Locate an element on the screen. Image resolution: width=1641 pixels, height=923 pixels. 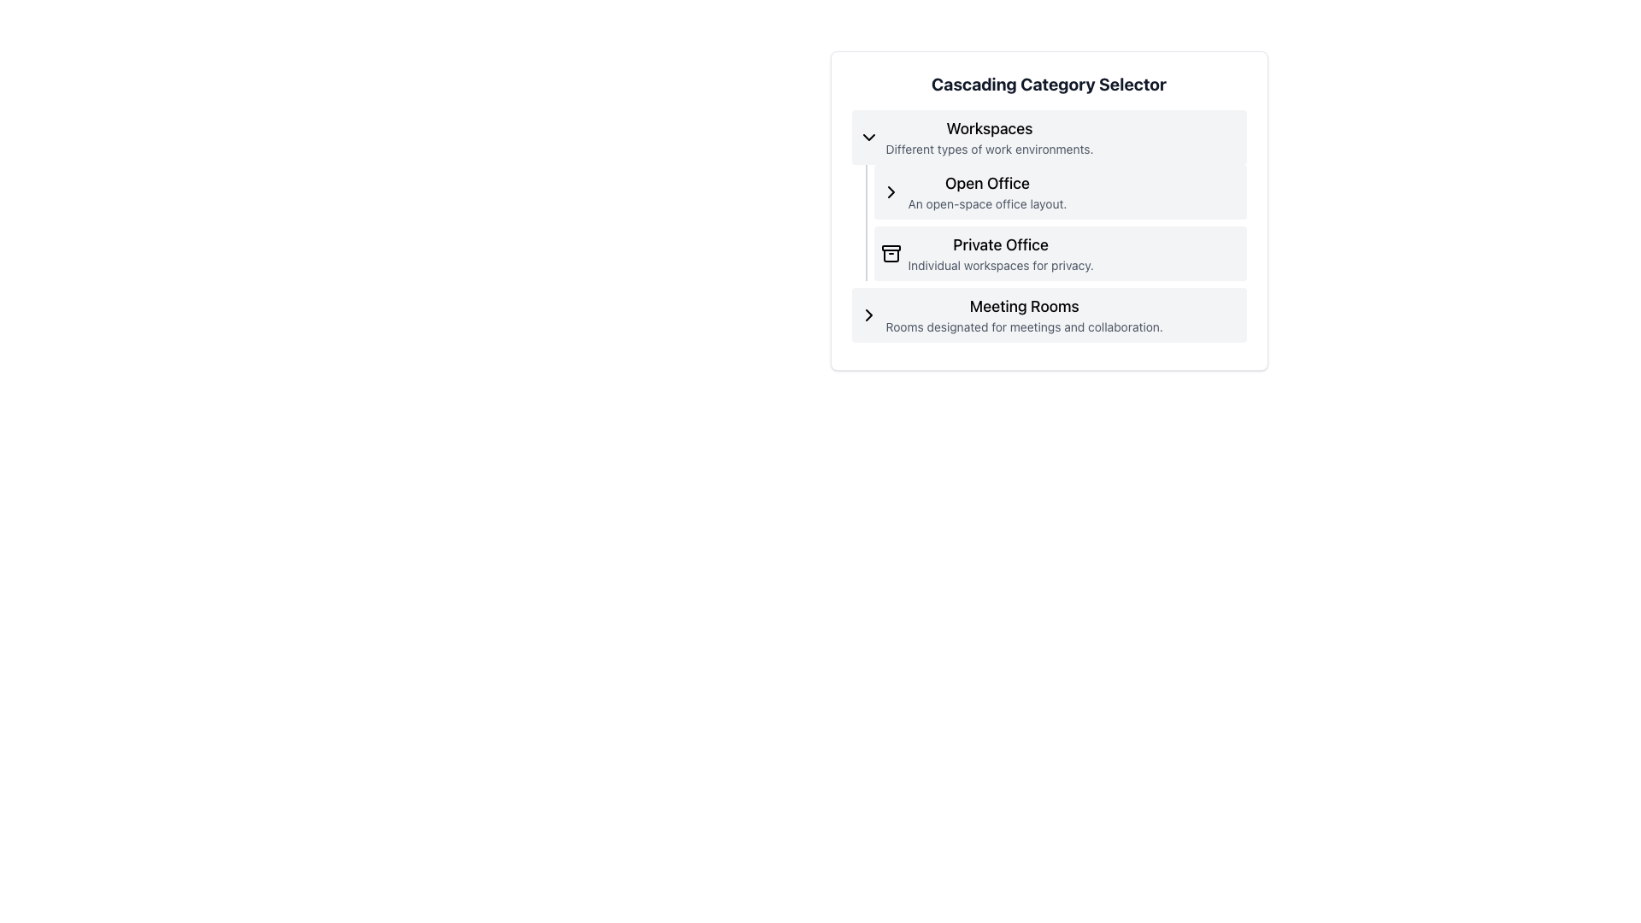
the middle component of the three-part icon associated with the 'Private Office' label in the sidebar menu is located at coordinates (890, 256).